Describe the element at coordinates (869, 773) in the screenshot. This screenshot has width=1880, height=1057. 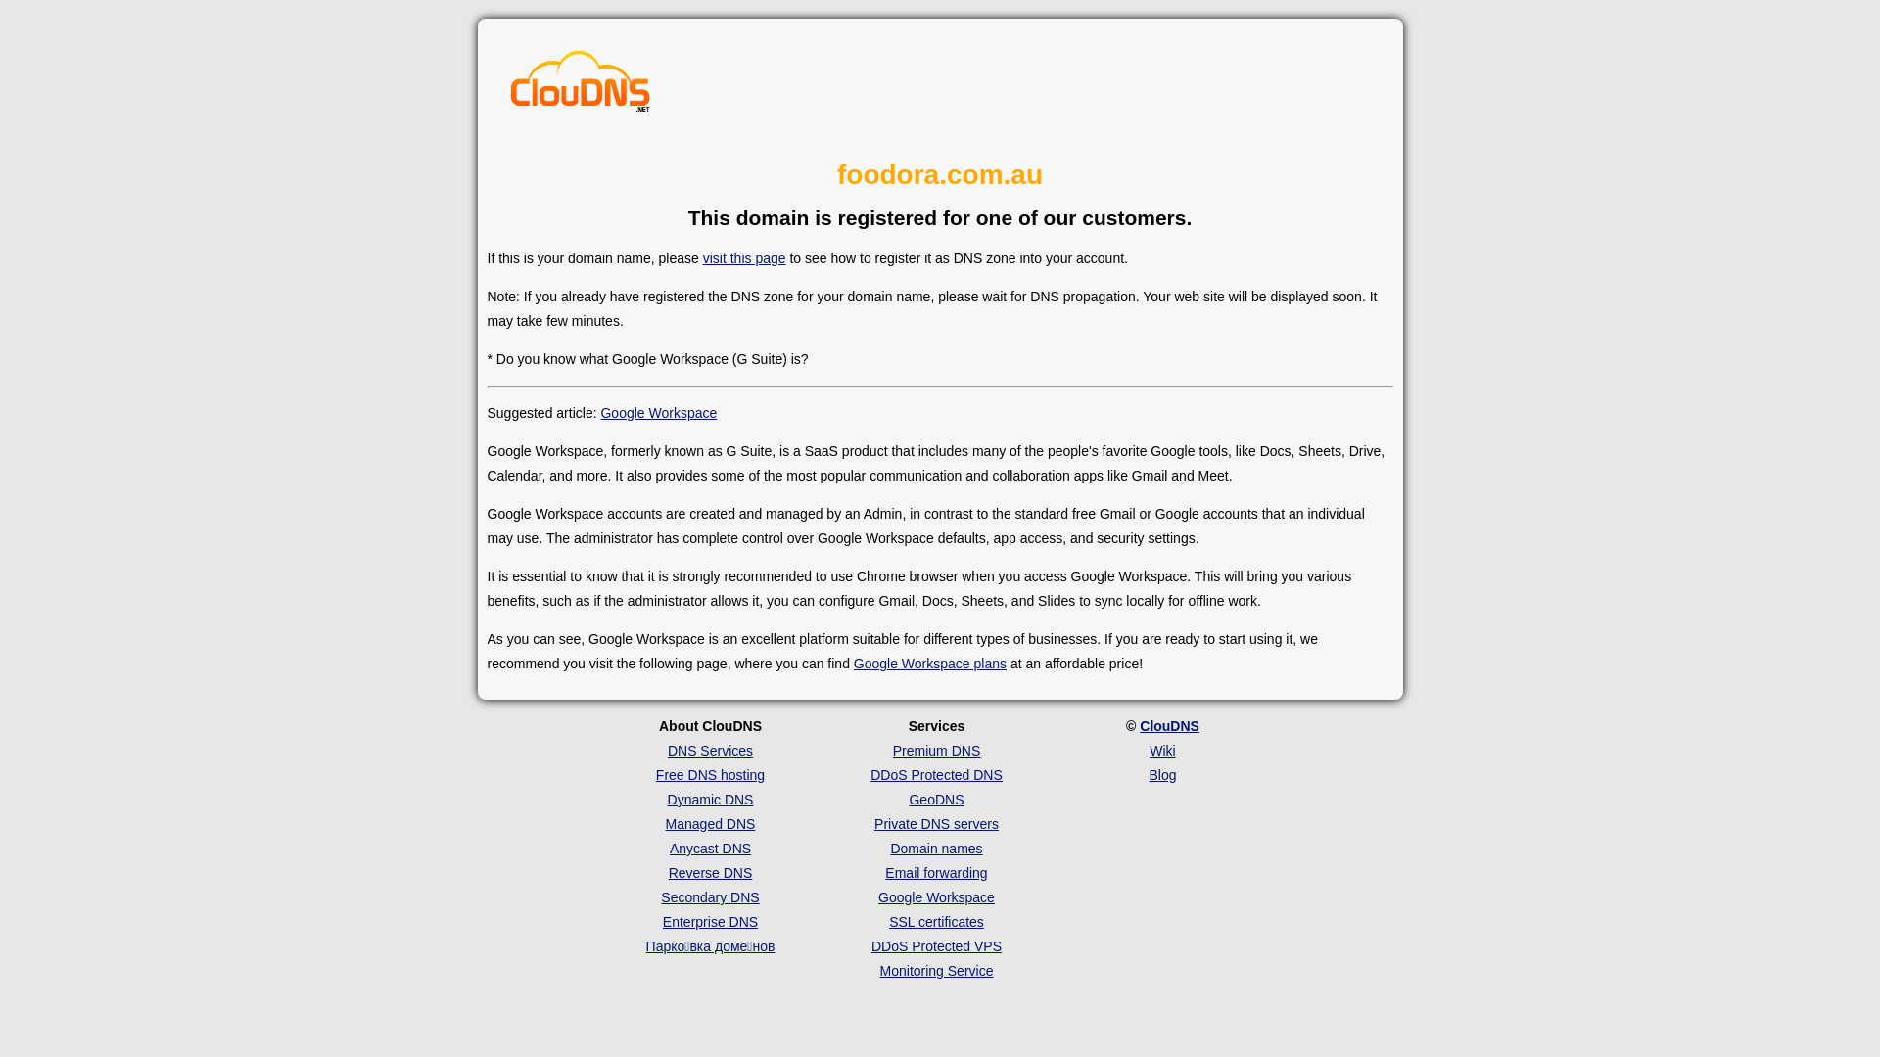
I see `'DDoS Protected DNS'` at that location.